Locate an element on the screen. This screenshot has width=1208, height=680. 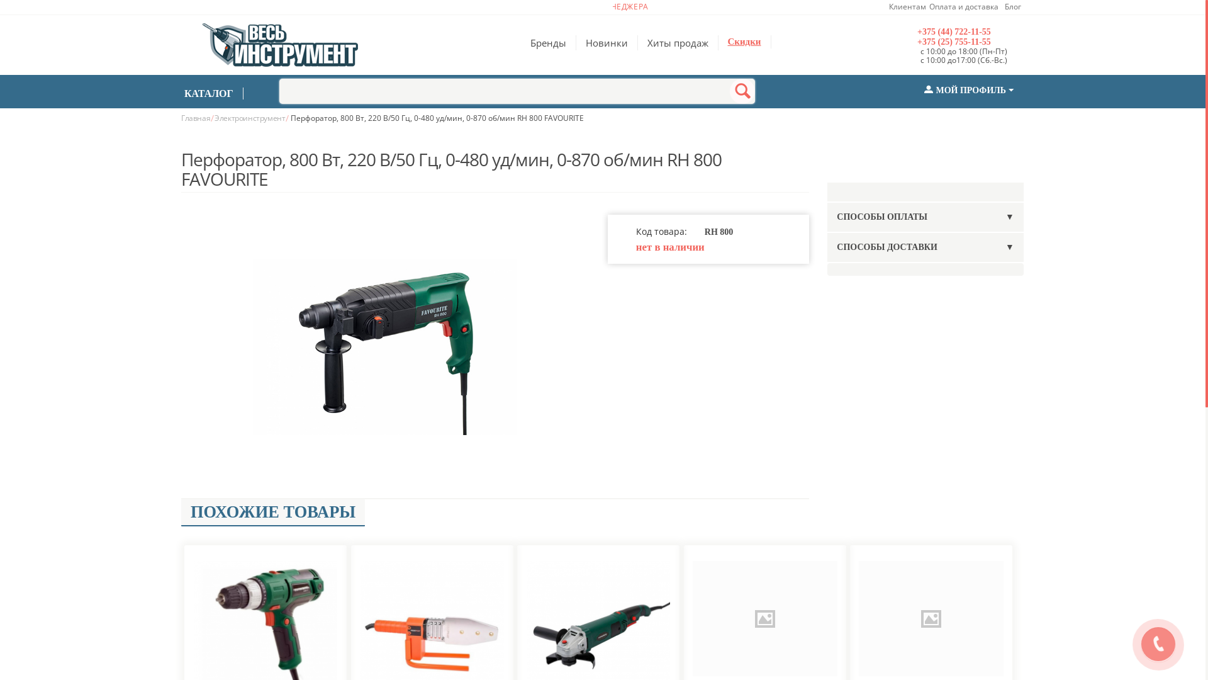
'+375 (44) 722-11-55' is located at coordinates (970, 31).